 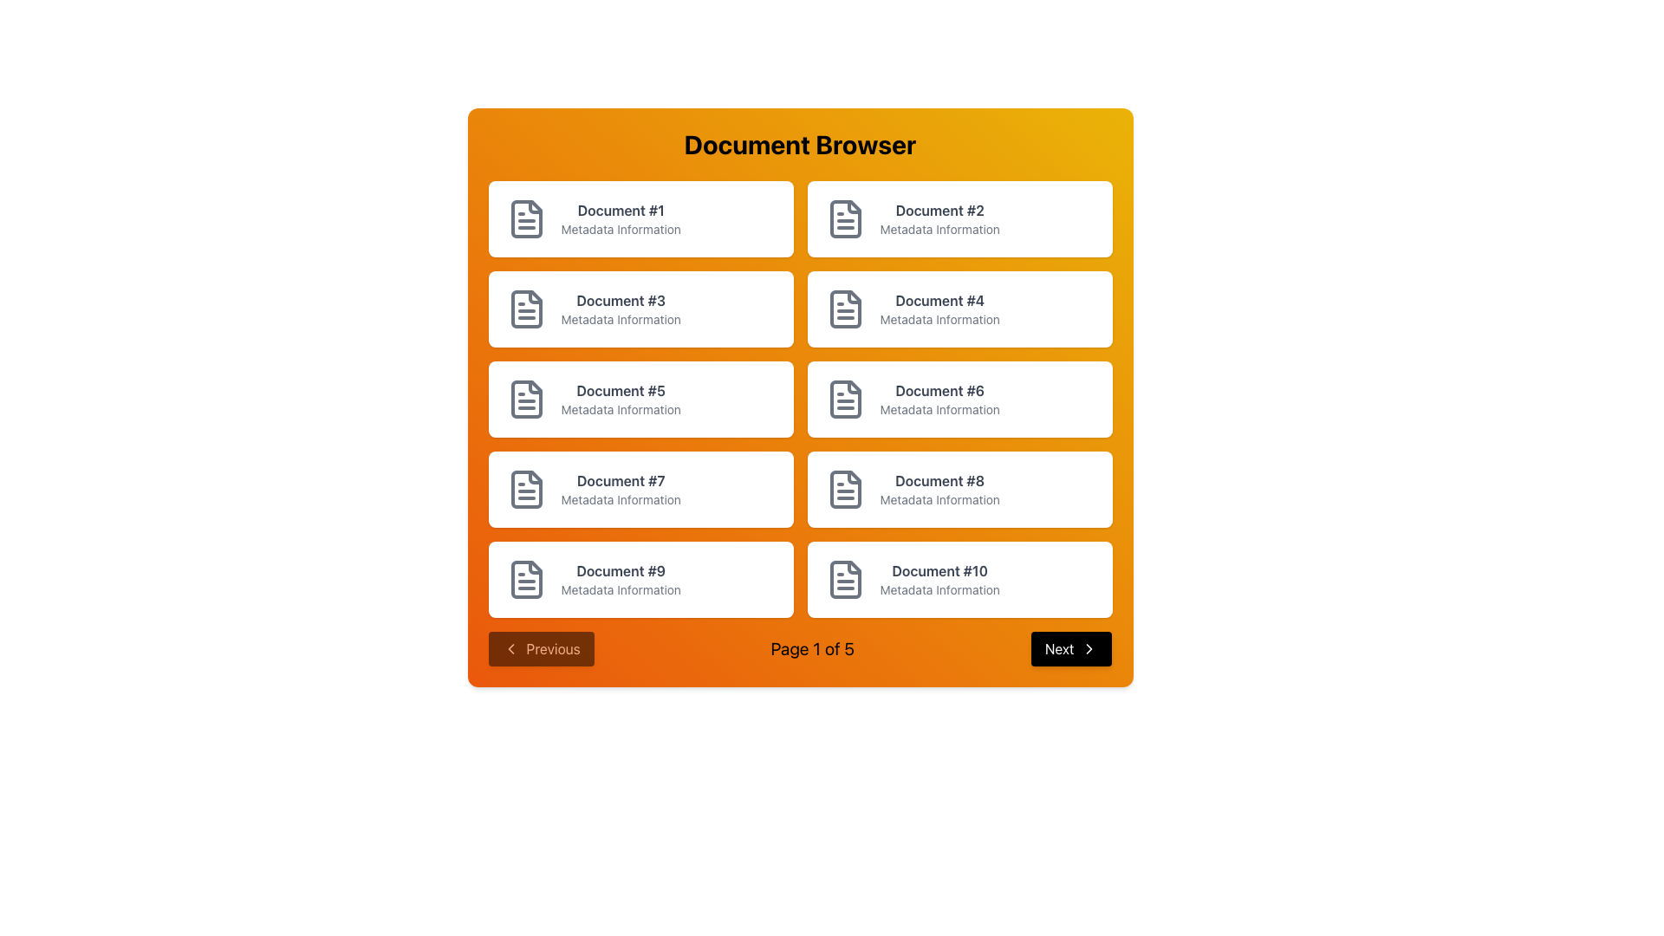 What do you see at coordinates (845, 218) in the screenshot?
I see `the document icon located in the first row of the 'Document #2' card, positioned to the left of the title 'Document #2'` at bounding box center [845, 218].